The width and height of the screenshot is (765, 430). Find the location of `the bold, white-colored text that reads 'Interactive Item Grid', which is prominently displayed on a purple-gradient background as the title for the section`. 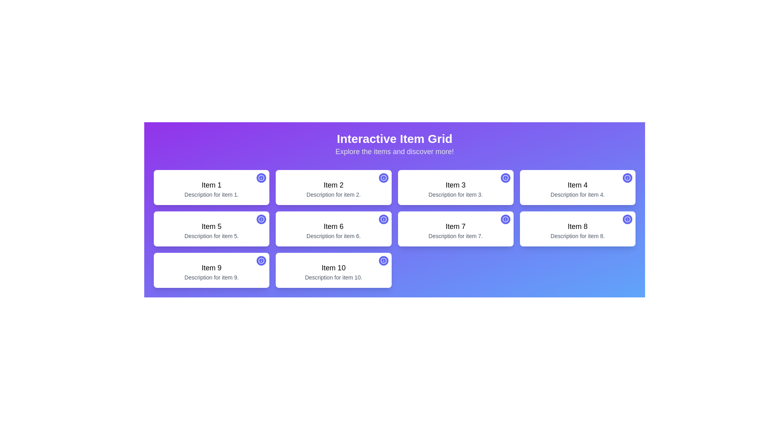

the bold, white-colored text that reads 'Interactive Item Grid', which is prominently displayed on a purple-gradient background as the title for the section is located at coordinates (394, 138).